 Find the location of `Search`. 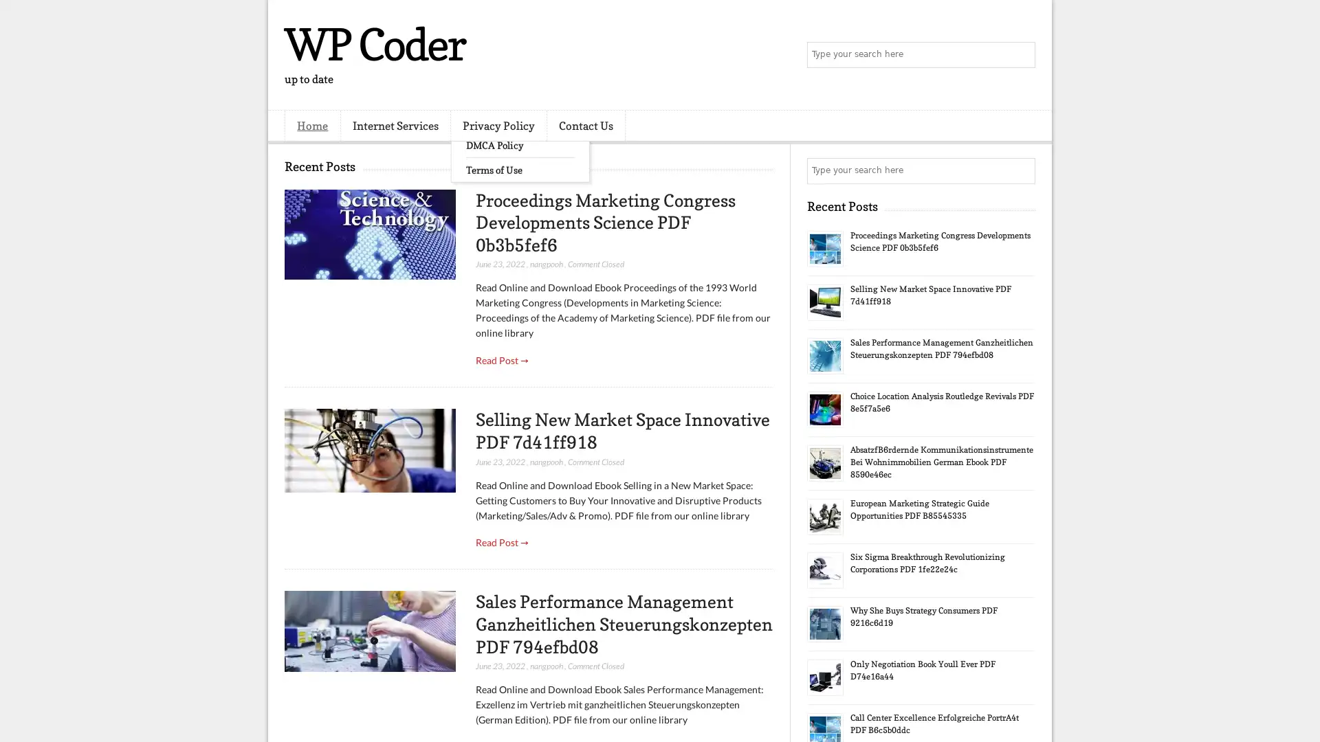

Search is located at coordinates (1021, 170).